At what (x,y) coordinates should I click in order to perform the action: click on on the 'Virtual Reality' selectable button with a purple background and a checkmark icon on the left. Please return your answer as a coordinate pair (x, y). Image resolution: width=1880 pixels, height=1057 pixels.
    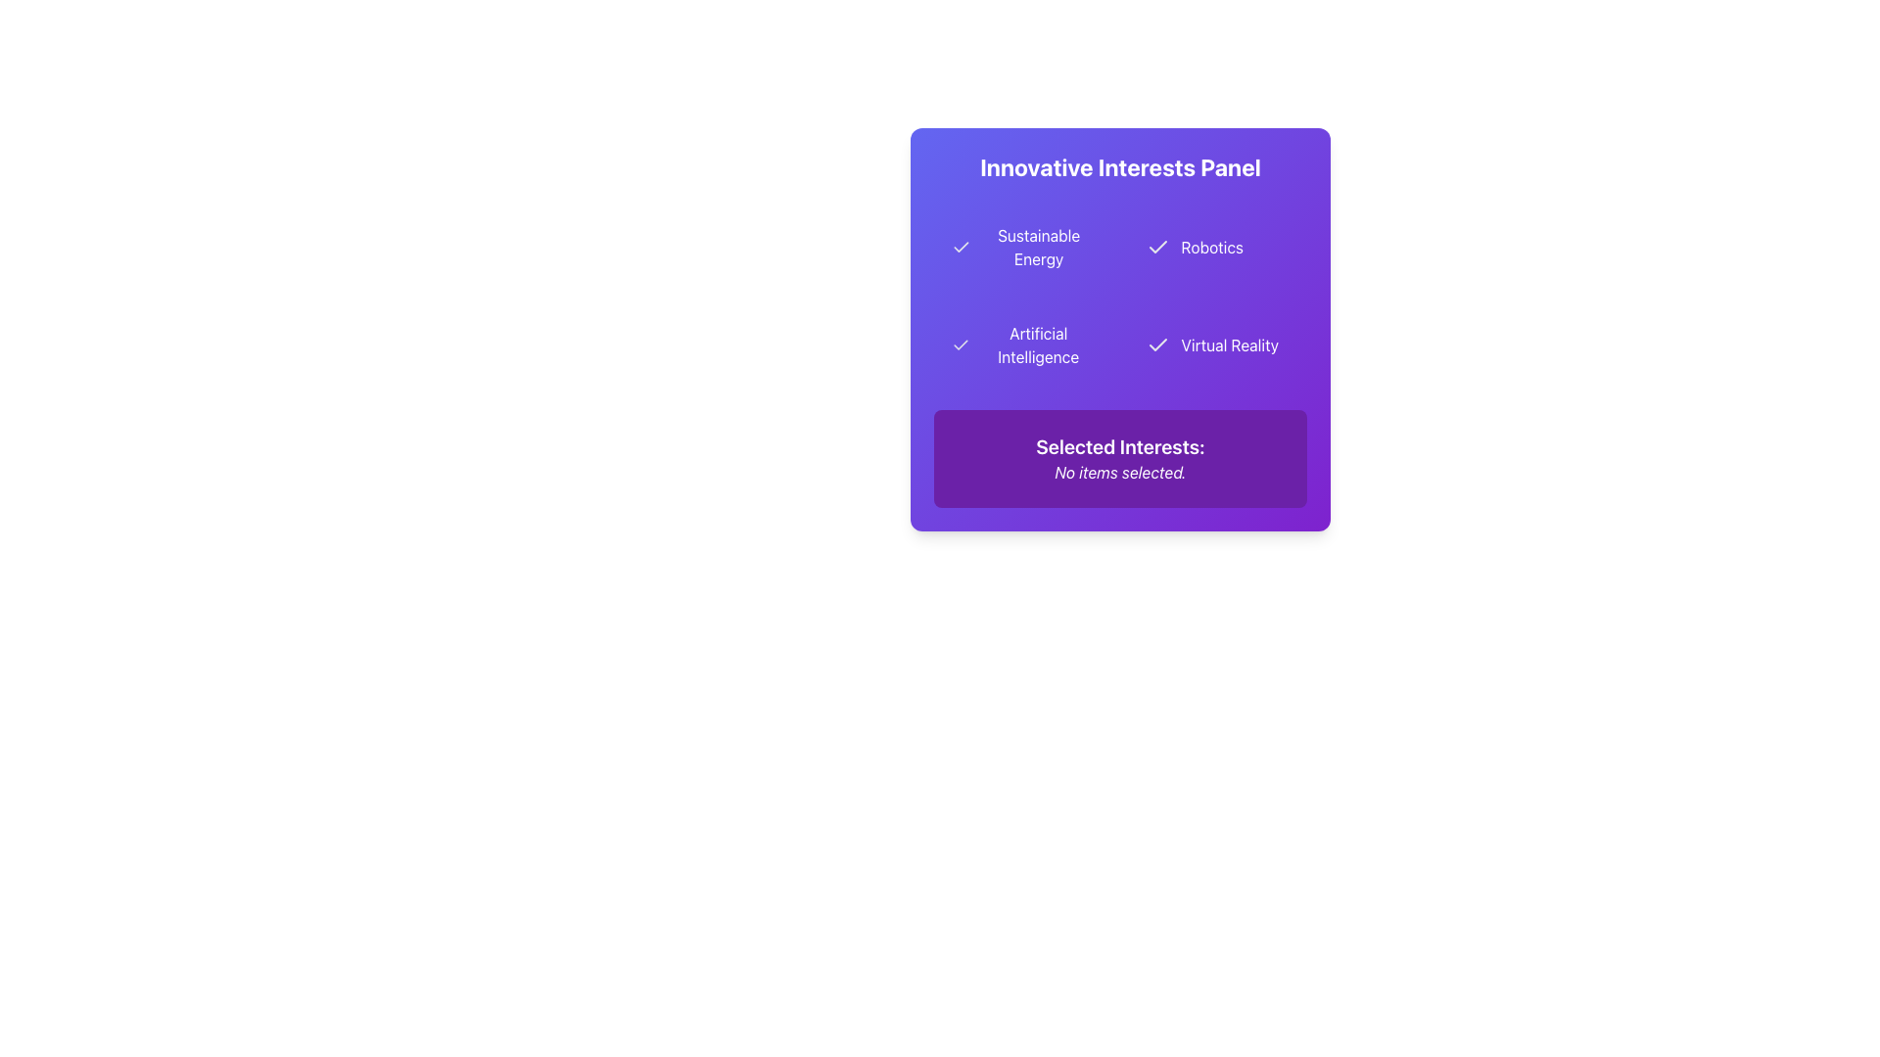
    Looking at the image, I should click on (1216, 345).